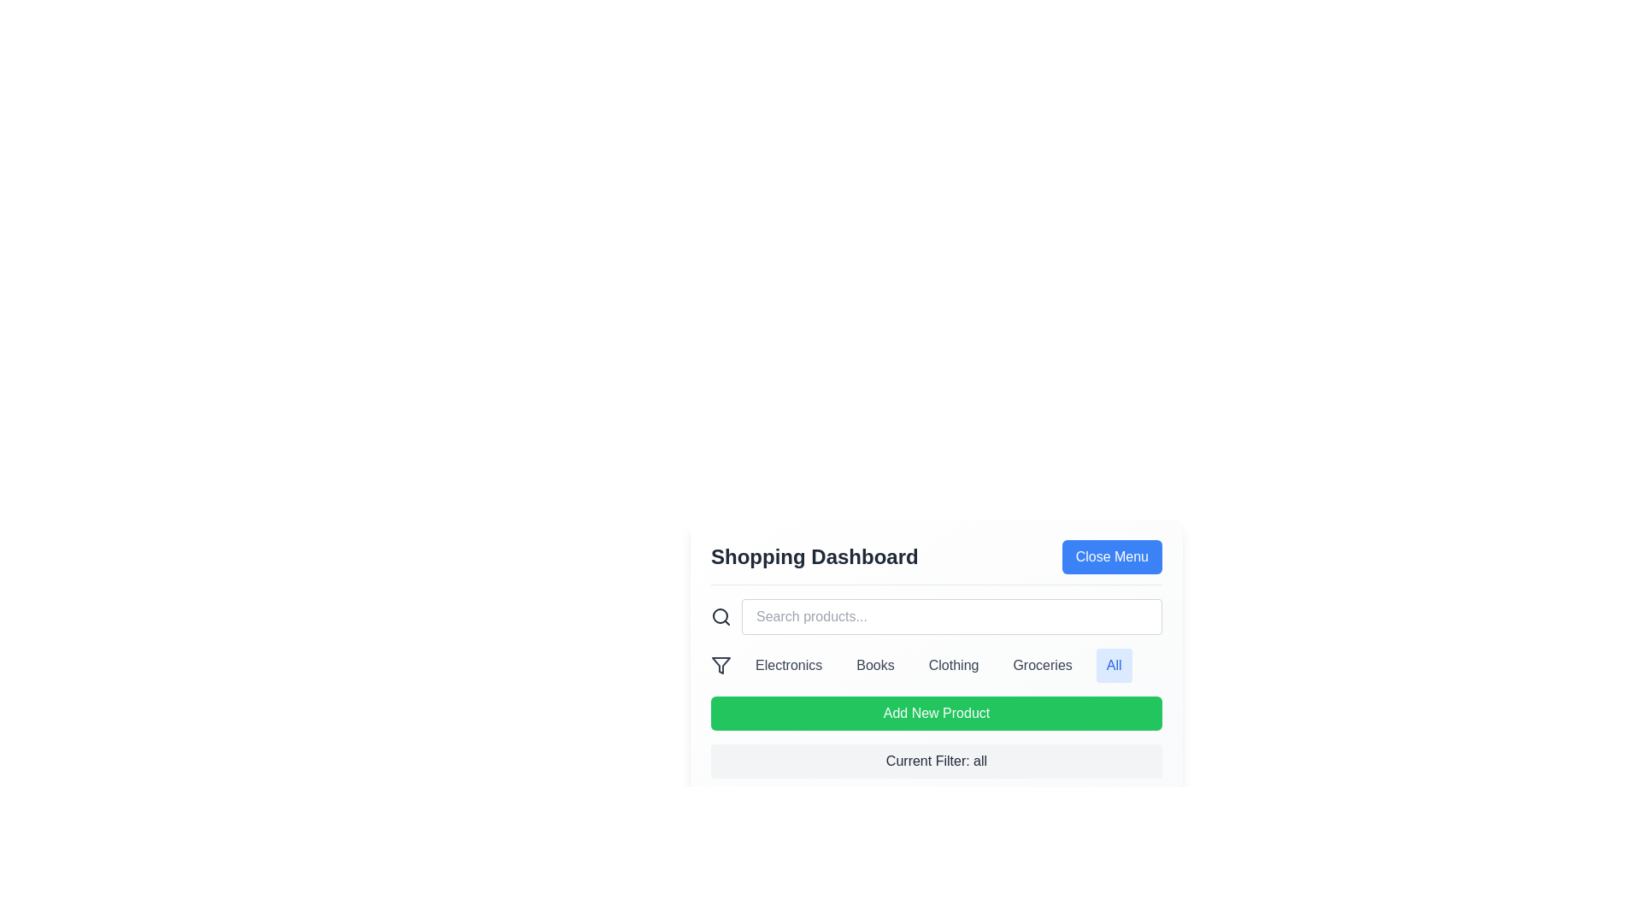 This screenshot has height=923, width=1641. I want to click on the monochromatic filter icon resembling an inverted triangle funnel, located at the leftmost side of the horizontal navigation bar before the 'Electronics' button, so click(721, 665).